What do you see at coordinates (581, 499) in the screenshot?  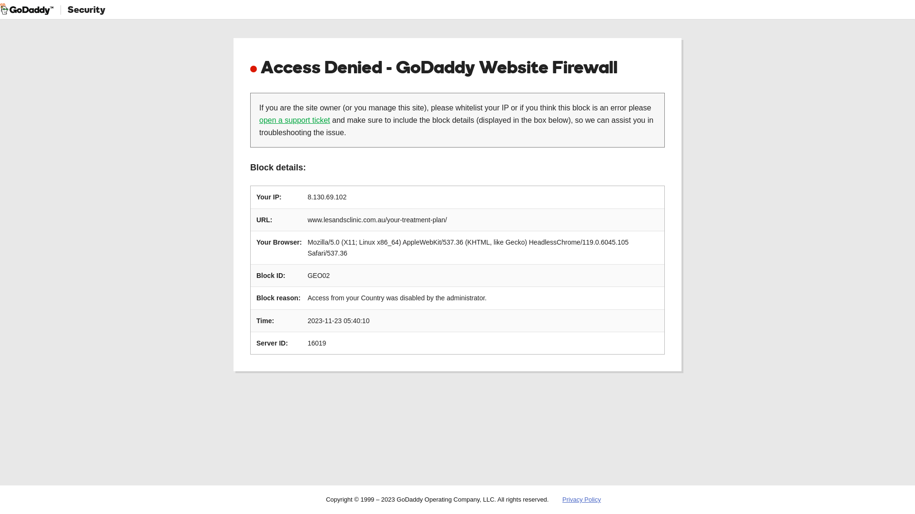 I see `'Privacy Policy'` at bounding box center [581, 499].